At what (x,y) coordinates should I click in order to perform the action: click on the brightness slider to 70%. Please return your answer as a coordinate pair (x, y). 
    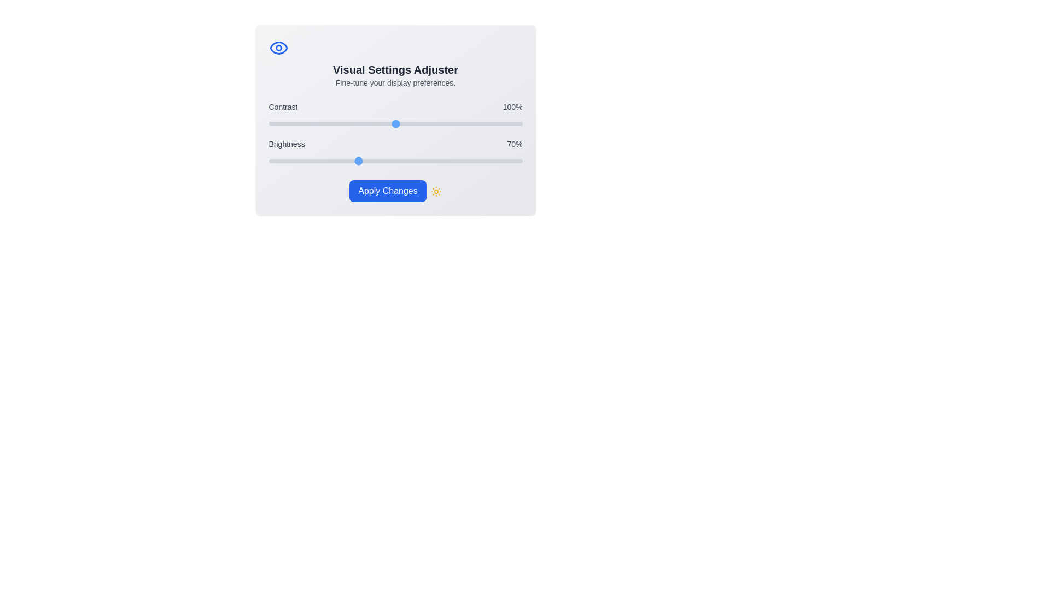
    Looking at the image, I should click on (357, 161).